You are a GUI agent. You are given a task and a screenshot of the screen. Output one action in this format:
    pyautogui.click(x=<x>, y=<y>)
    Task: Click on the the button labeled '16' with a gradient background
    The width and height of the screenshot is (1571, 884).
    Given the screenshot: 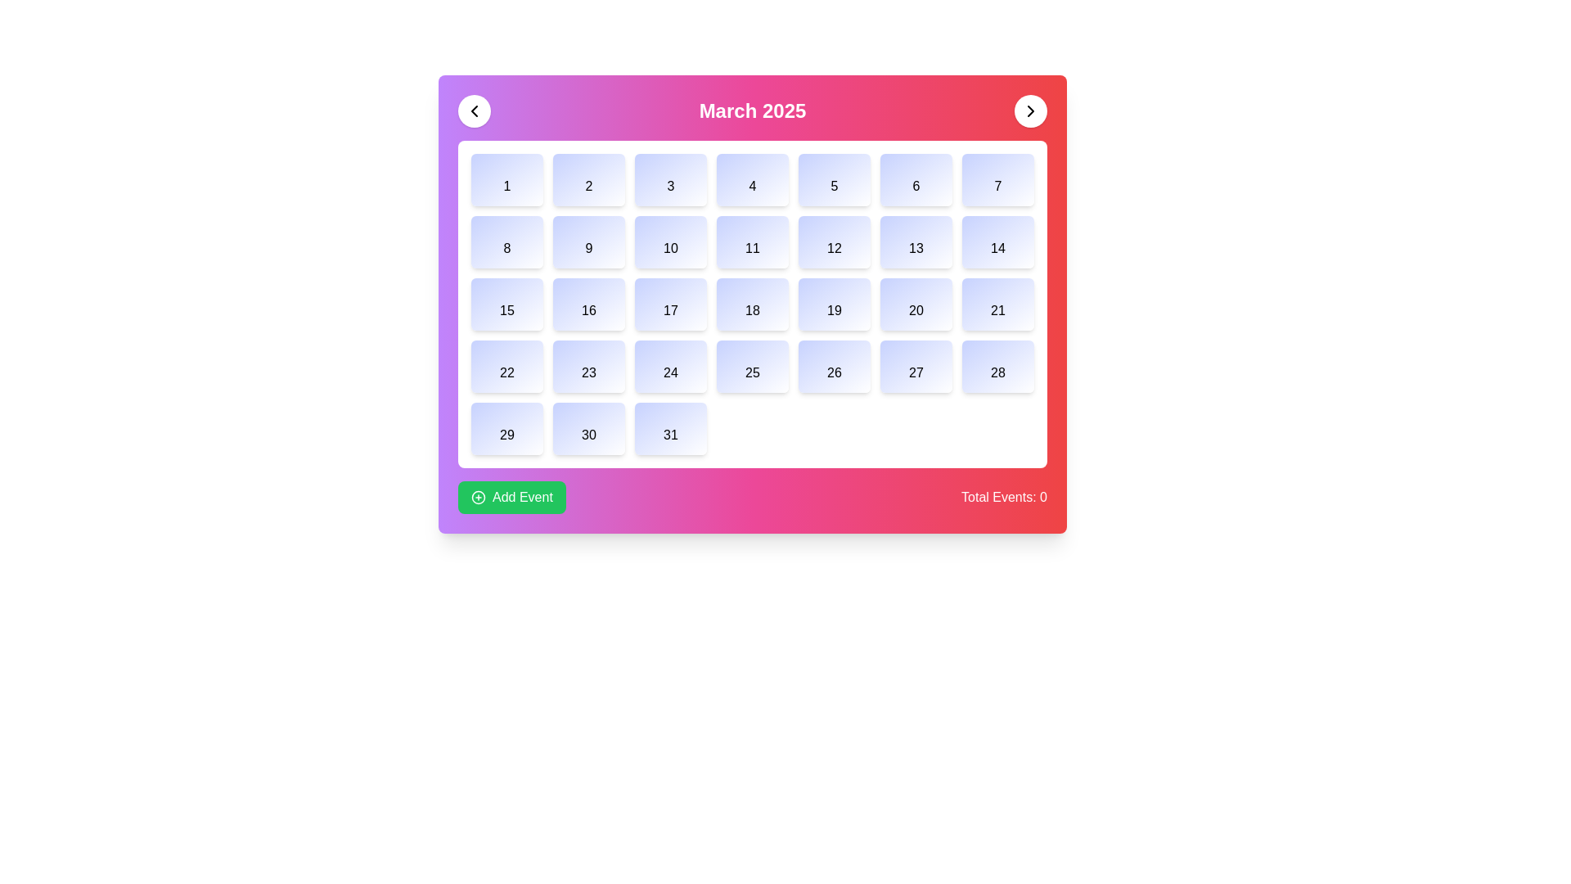 What is the action you would take?
    pyautogui.click(x=589, y=304)
    